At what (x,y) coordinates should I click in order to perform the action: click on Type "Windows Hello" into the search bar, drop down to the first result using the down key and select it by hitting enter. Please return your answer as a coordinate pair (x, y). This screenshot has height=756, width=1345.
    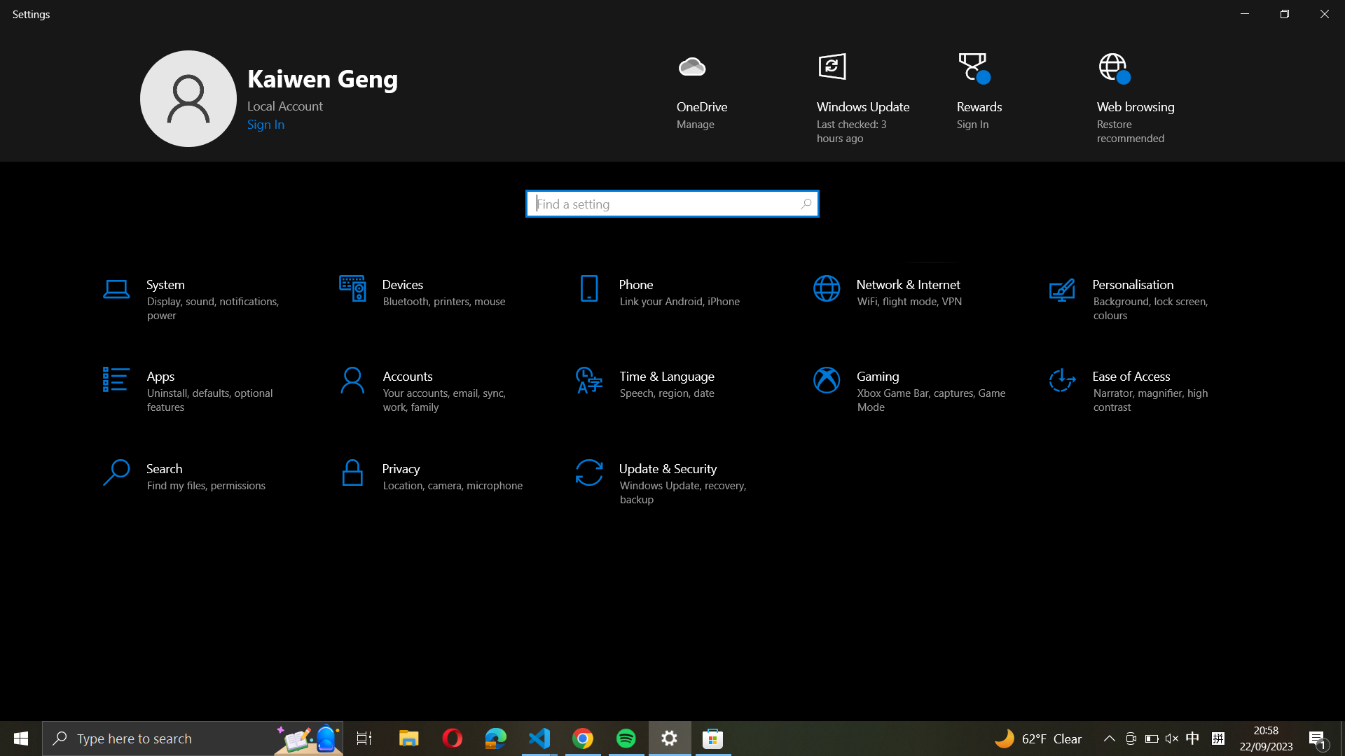
    Looking at the image, I should click on (671, 202).